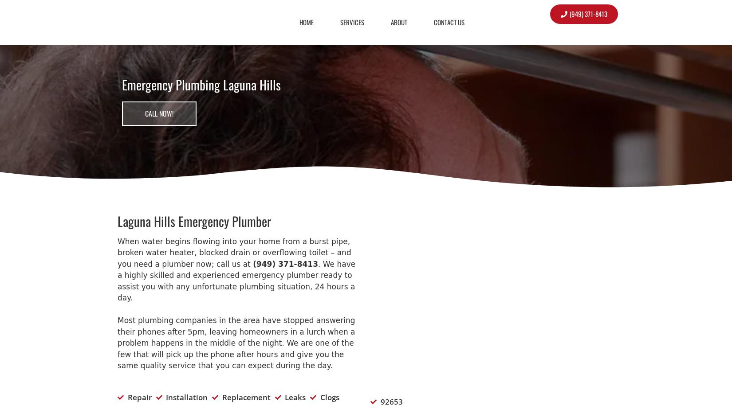  I want to click on 'About', so click(399, 21).